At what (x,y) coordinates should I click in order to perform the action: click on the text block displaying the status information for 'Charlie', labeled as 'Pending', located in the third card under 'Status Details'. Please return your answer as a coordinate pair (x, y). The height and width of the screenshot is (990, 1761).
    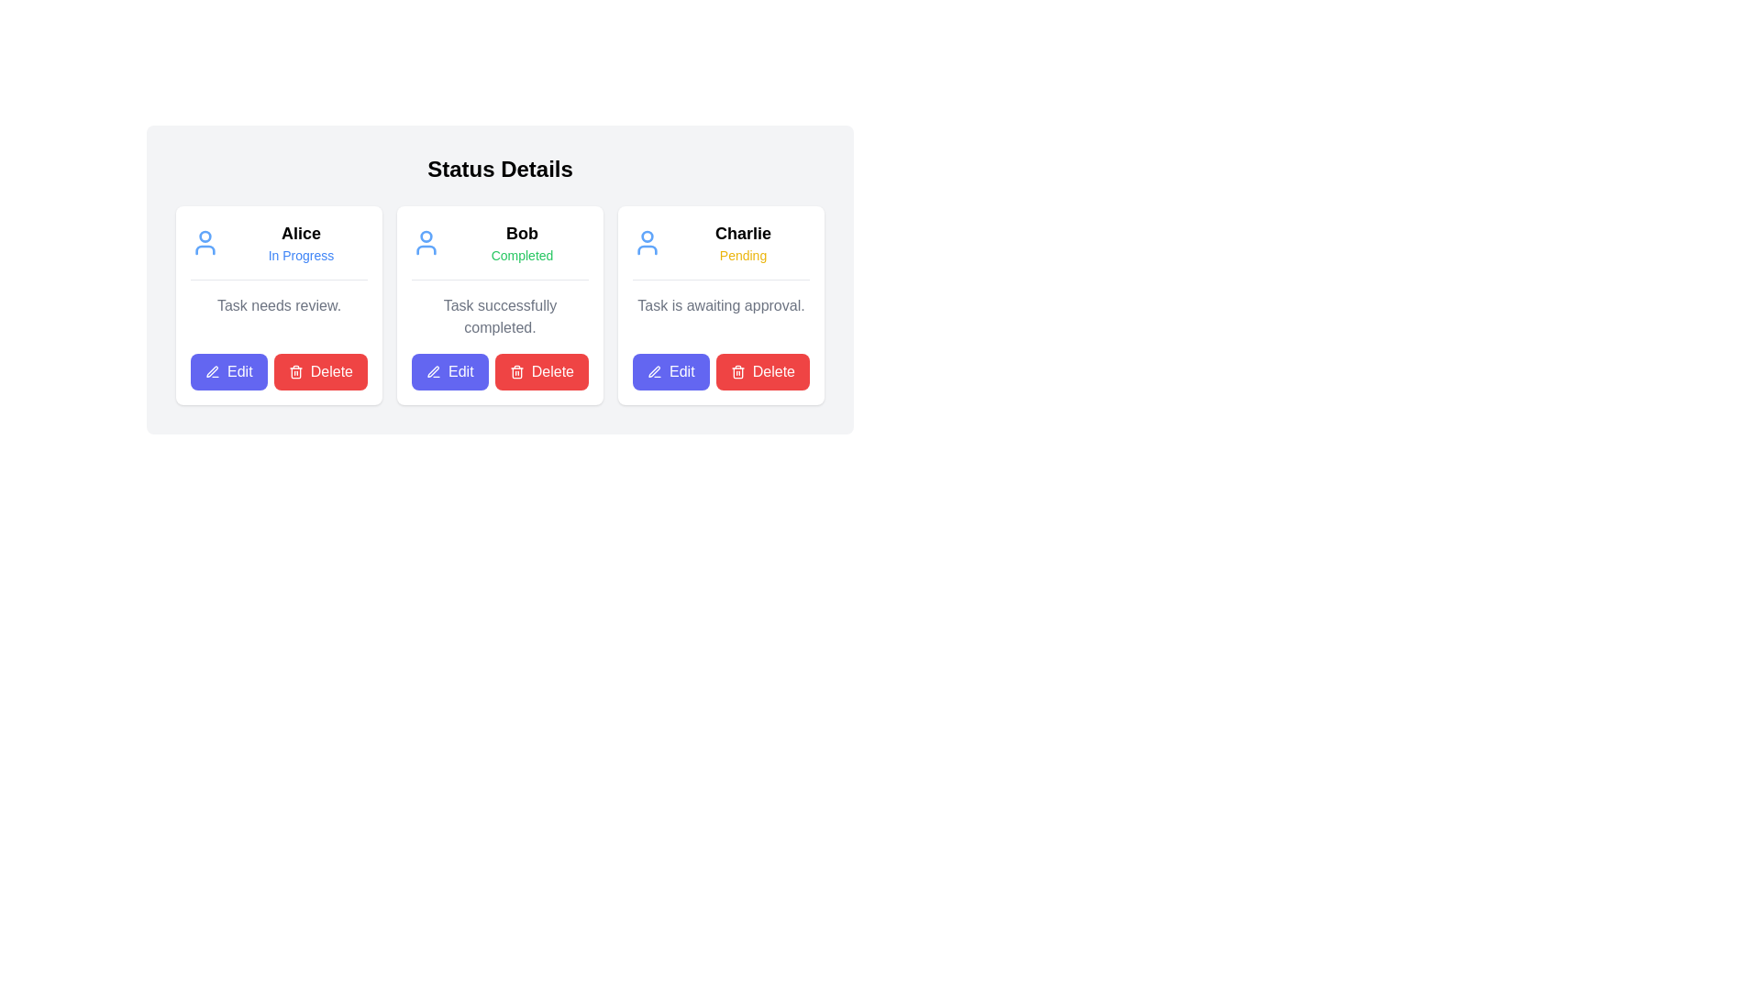
    Looking at the image, I should click on (743, 242).